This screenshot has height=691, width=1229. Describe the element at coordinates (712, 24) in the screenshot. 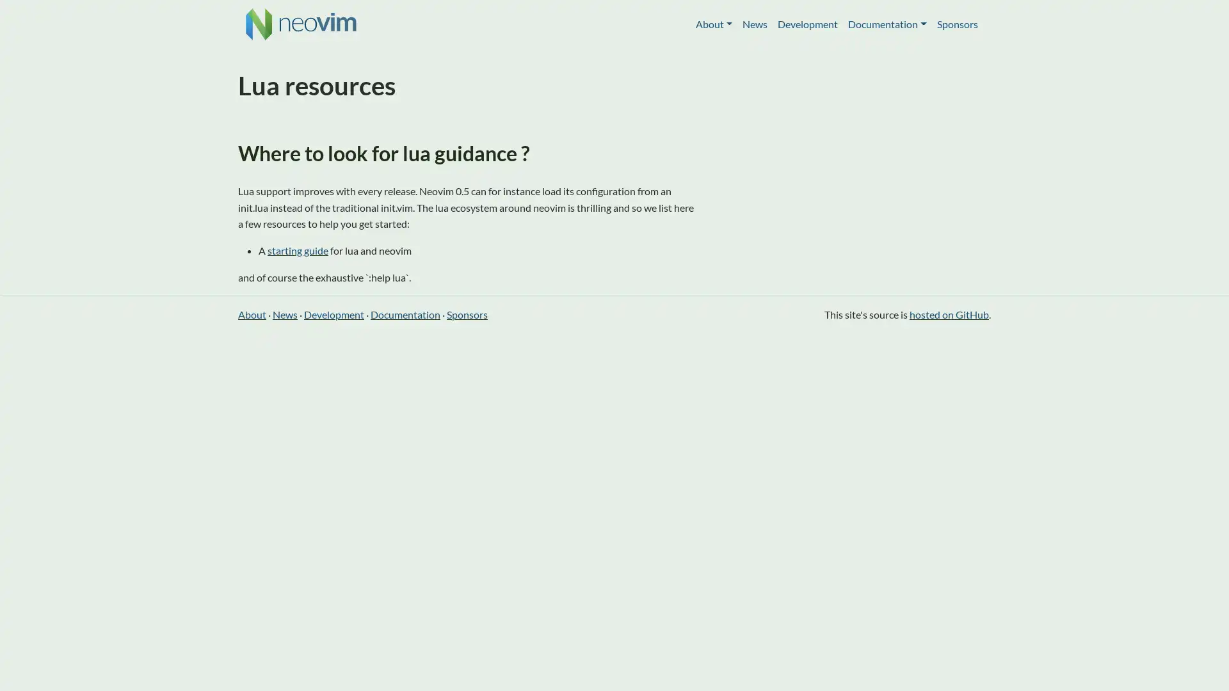

I see `About` at that location.